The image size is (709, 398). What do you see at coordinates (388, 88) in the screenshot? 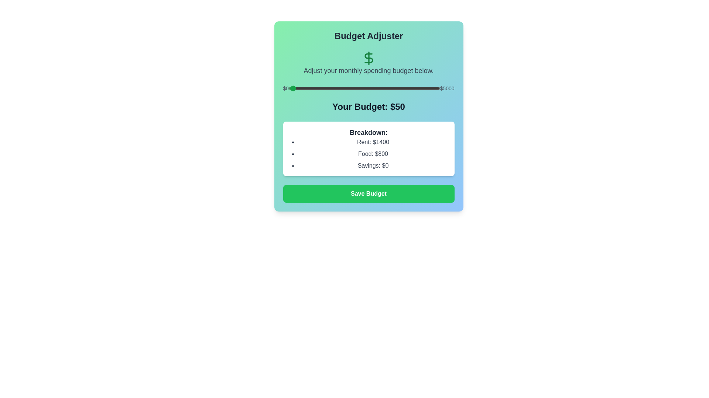
I see `the budget to 3315 dollars by adjusting the slider` at bounding box center [388, 88].